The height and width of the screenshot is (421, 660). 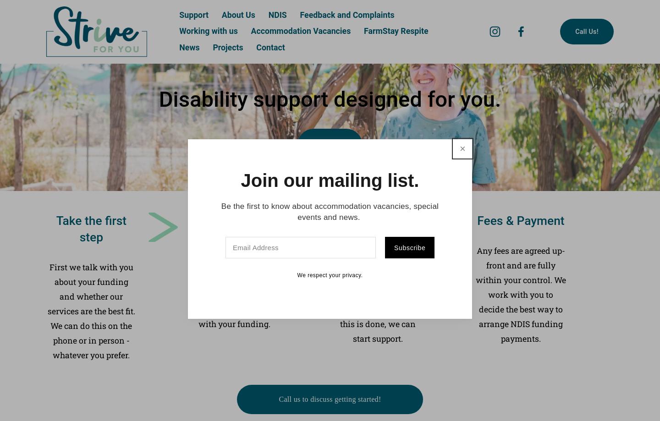 I want to click on 'Call us to discuss getting started!', so click(x=278, y=399).